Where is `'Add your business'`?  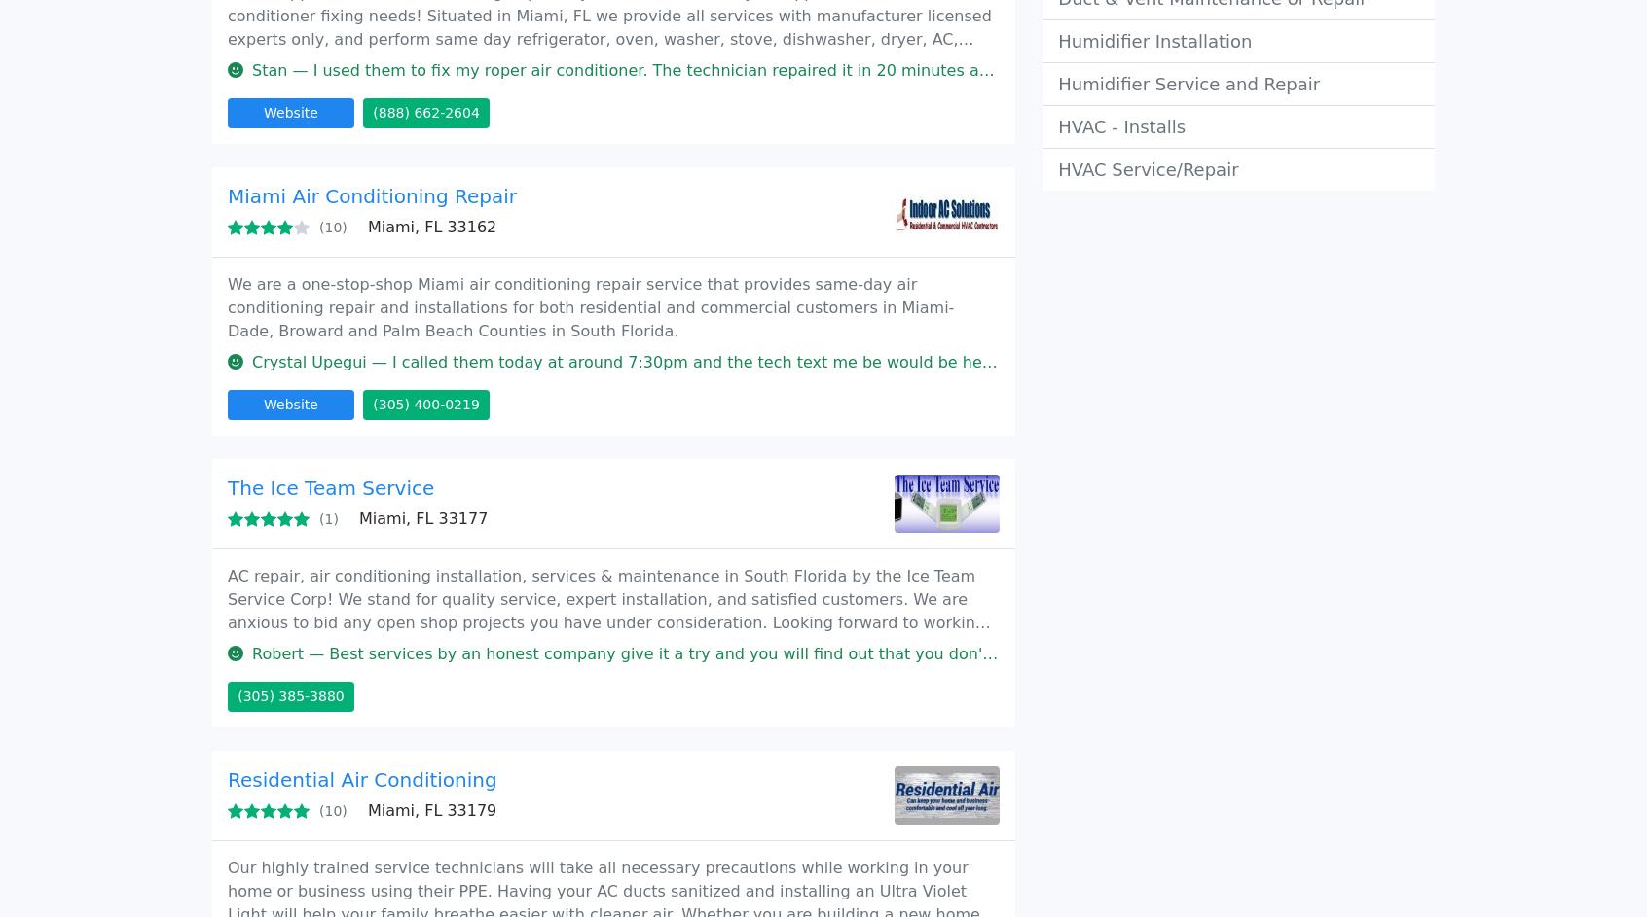 'Add your business' is located at coordinates (1121, 139).